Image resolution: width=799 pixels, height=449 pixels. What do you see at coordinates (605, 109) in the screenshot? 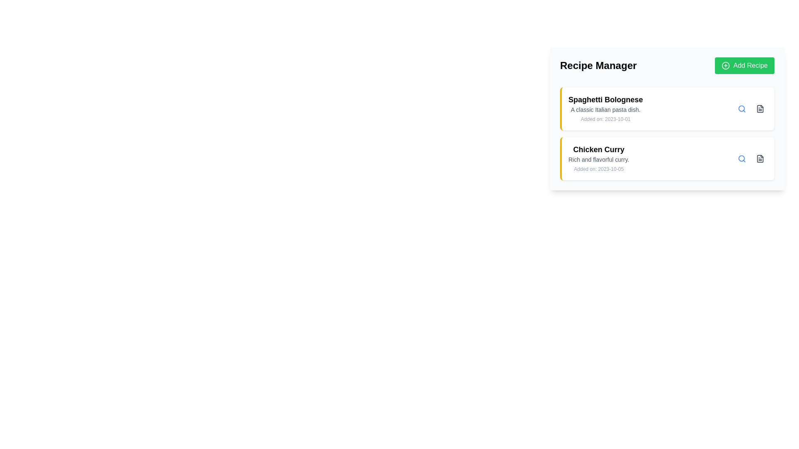
I see `information displayed in the text block that shows the recipe's name, description, and the date it was added, located at the upper part of the recipe list` at bounding box center [605, 109].